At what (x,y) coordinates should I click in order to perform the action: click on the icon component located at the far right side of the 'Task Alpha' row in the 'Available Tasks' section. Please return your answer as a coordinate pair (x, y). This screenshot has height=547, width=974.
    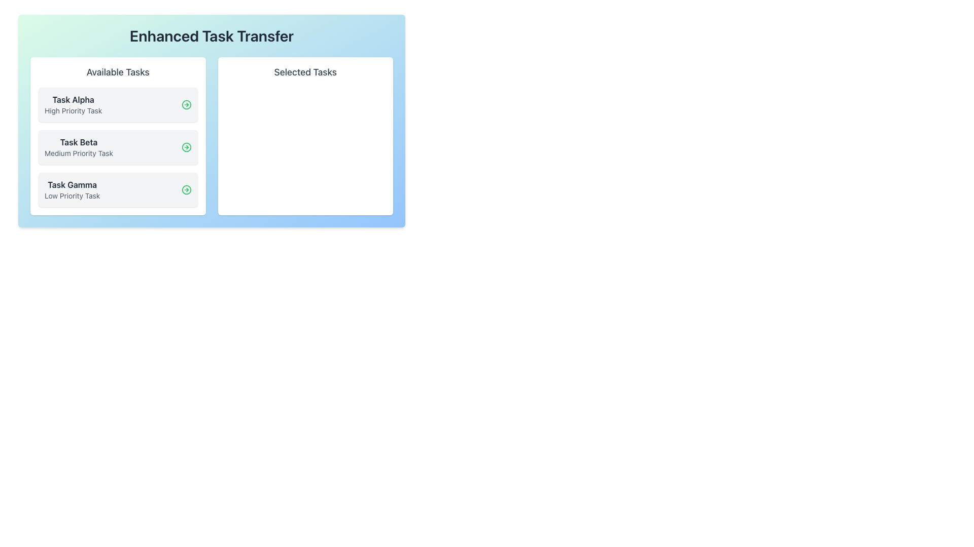
    Looking at the image, I should click on (186, 105).